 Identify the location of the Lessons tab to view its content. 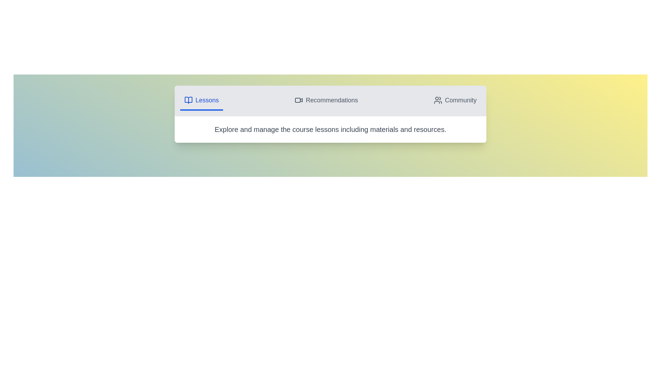
(201, 101).